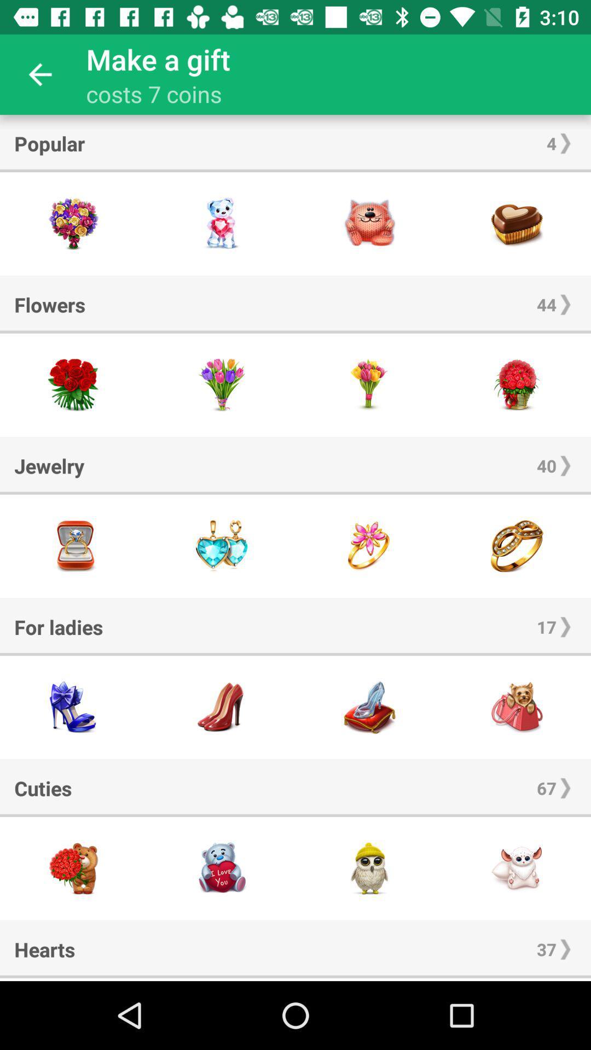 This screenshot has height=1050, width=591. What do you see at coordinates (547, 948) in the screenshot?
I see `the icon to the right of hearts` at bounding box center [547, 948].